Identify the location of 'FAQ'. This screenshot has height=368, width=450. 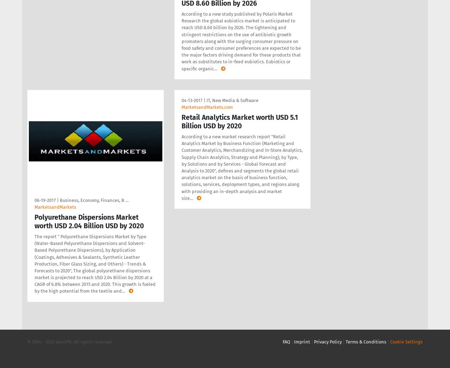
(286, 341).